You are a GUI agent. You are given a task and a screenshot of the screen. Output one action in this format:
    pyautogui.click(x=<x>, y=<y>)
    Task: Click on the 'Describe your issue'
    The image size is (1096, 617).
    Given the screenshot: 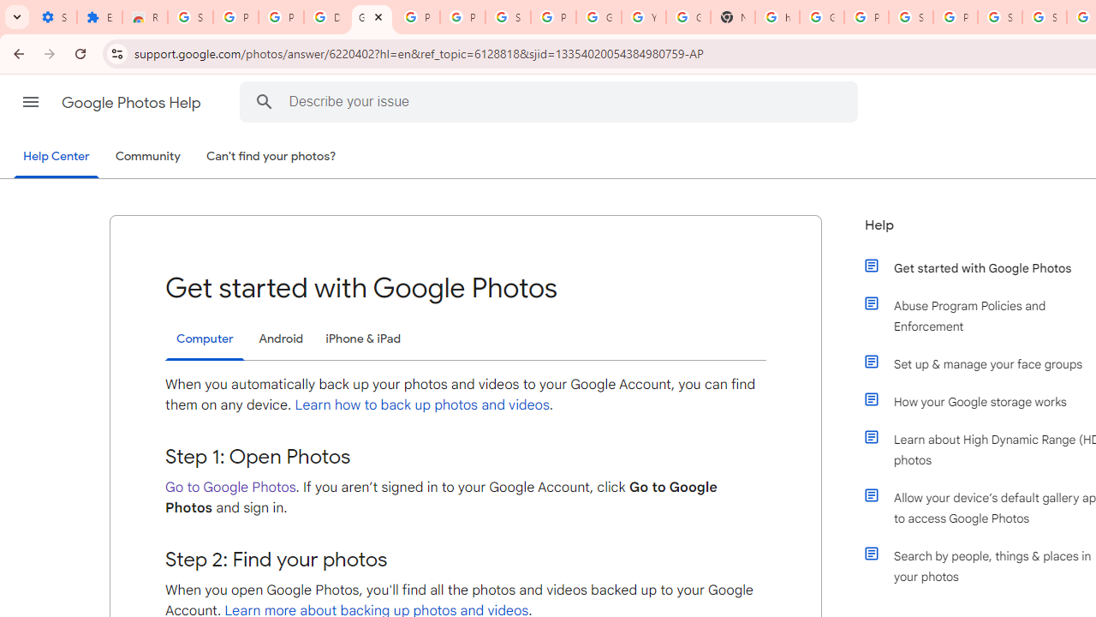 What is the action you would take?
    pyautogui.click(x=552, y=101)
    